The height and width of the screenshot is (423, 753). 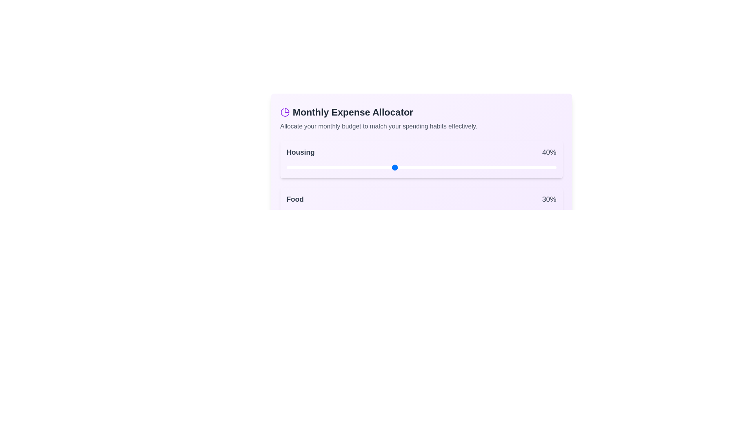 What do you see at coordinates (295, 199) in the screenshot?
I see `displayed text of the text label showing 'Food', which is positioned to the left of '30%' in the financial allocation interface` at bounding box center [295, 199].